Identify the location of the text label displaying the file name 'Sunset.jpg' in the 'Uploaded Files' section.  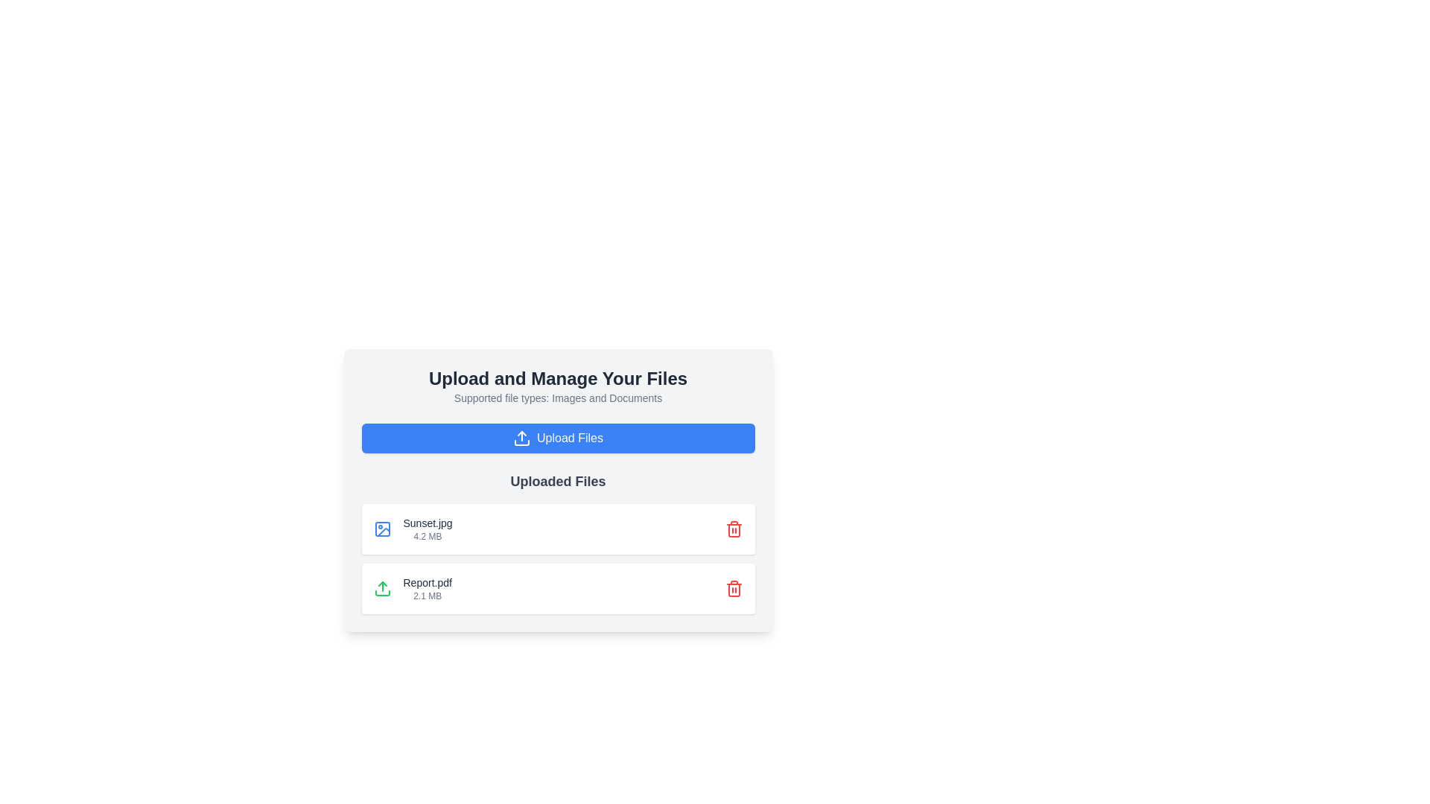
(427, 522).